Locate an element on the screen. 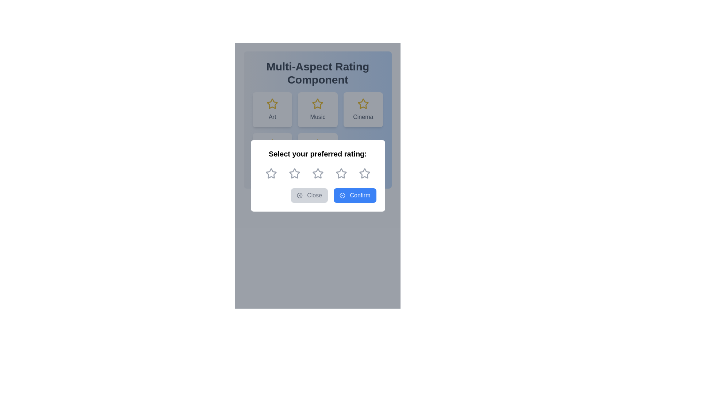 This screenshot has width=701, height=394. the small circular grayish icon with a cross inside it, located slightly to the left of the 'Close' button text is located at coordinates (299, 195).